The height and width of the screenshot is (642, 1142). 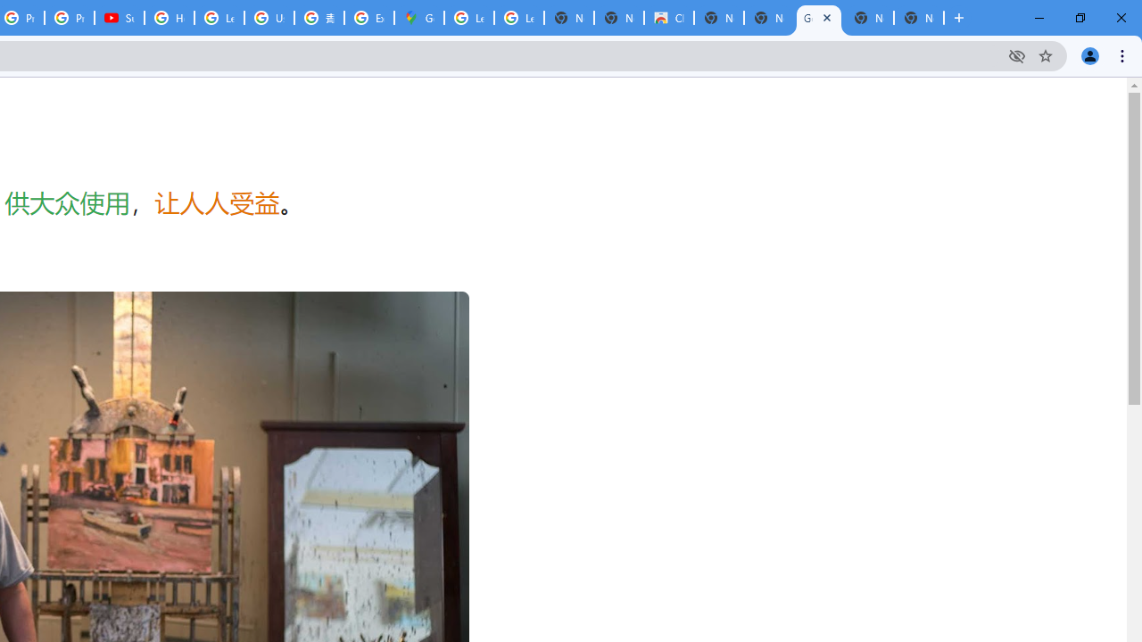 I want to click on 'Google Maps', so click(x=418, y=18).